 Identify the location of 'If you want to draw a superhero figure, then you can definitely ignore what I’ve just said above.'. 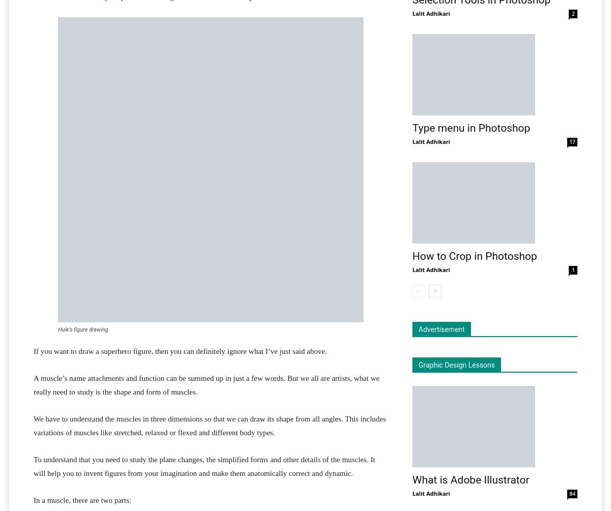
(180, 351).